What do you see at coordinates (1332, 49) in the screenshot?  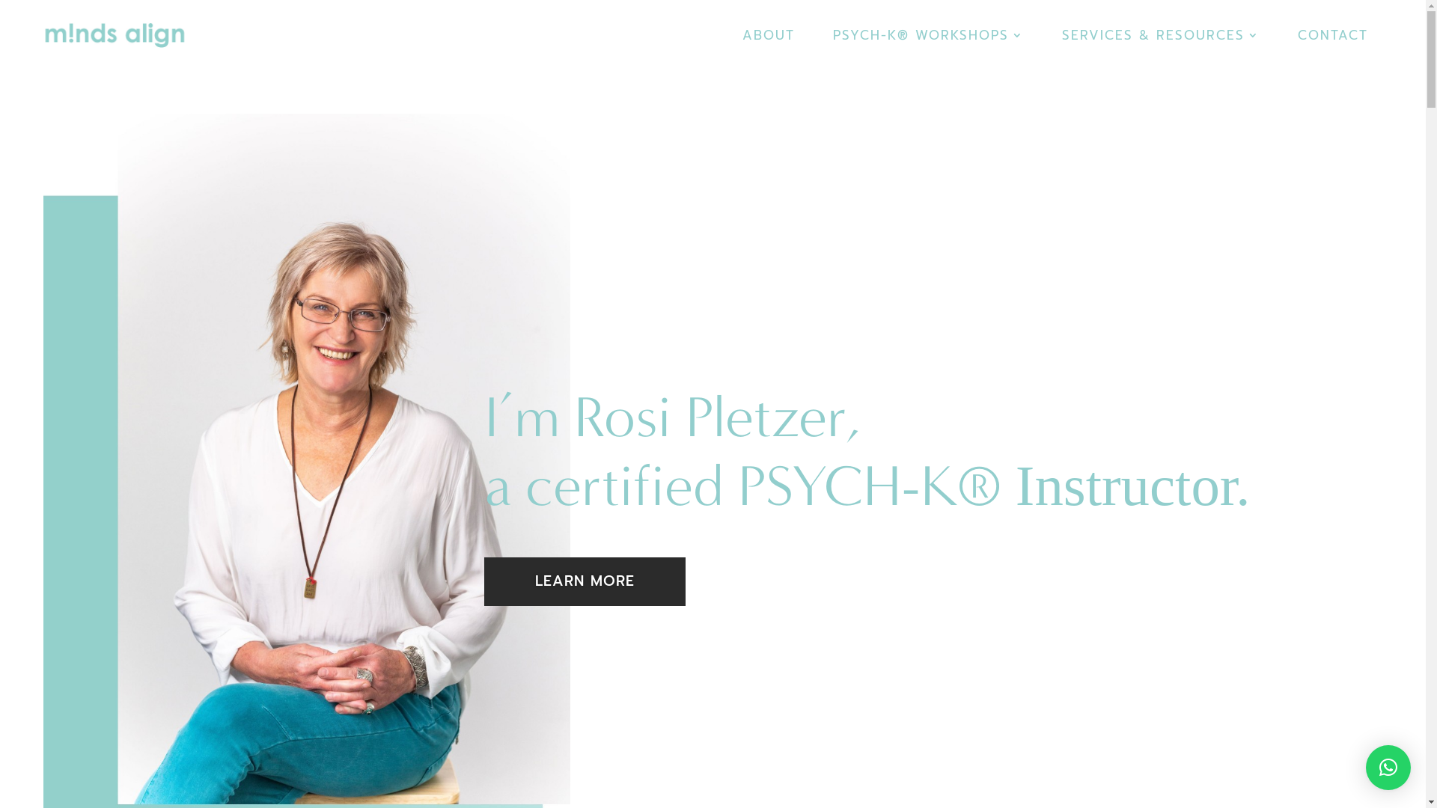 I see `'CONTACT'` at bounding box center [1332, 49].